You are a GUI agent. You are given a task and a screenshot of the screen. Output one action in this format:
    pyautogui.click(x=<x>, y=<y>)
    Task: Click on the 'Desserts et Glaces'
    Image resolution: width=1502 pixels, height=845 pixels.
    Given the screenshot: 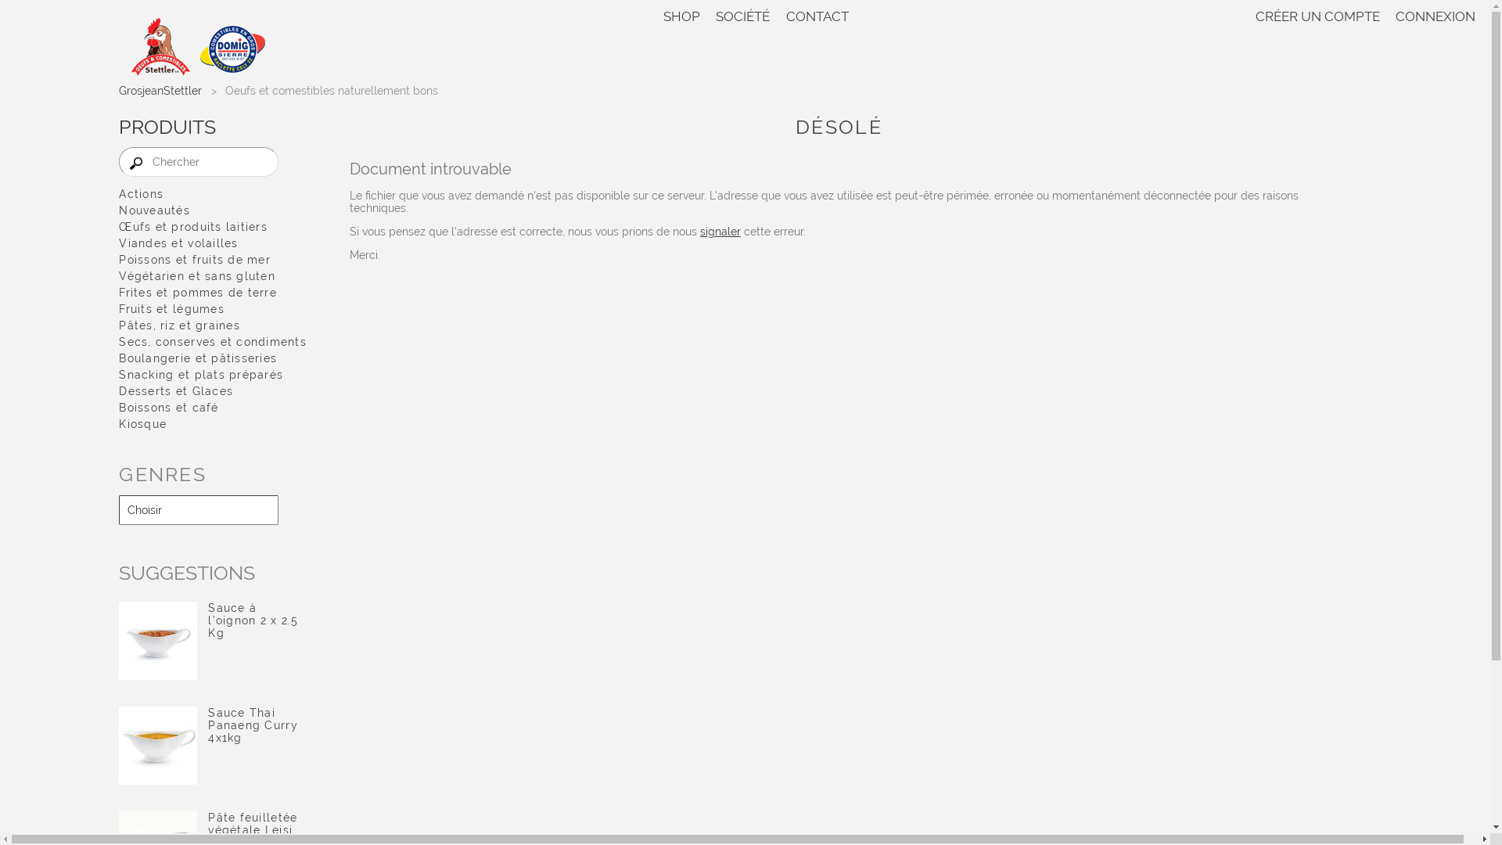 What is the action you would take?
    pyautogui.click(x=118, y=390)
    